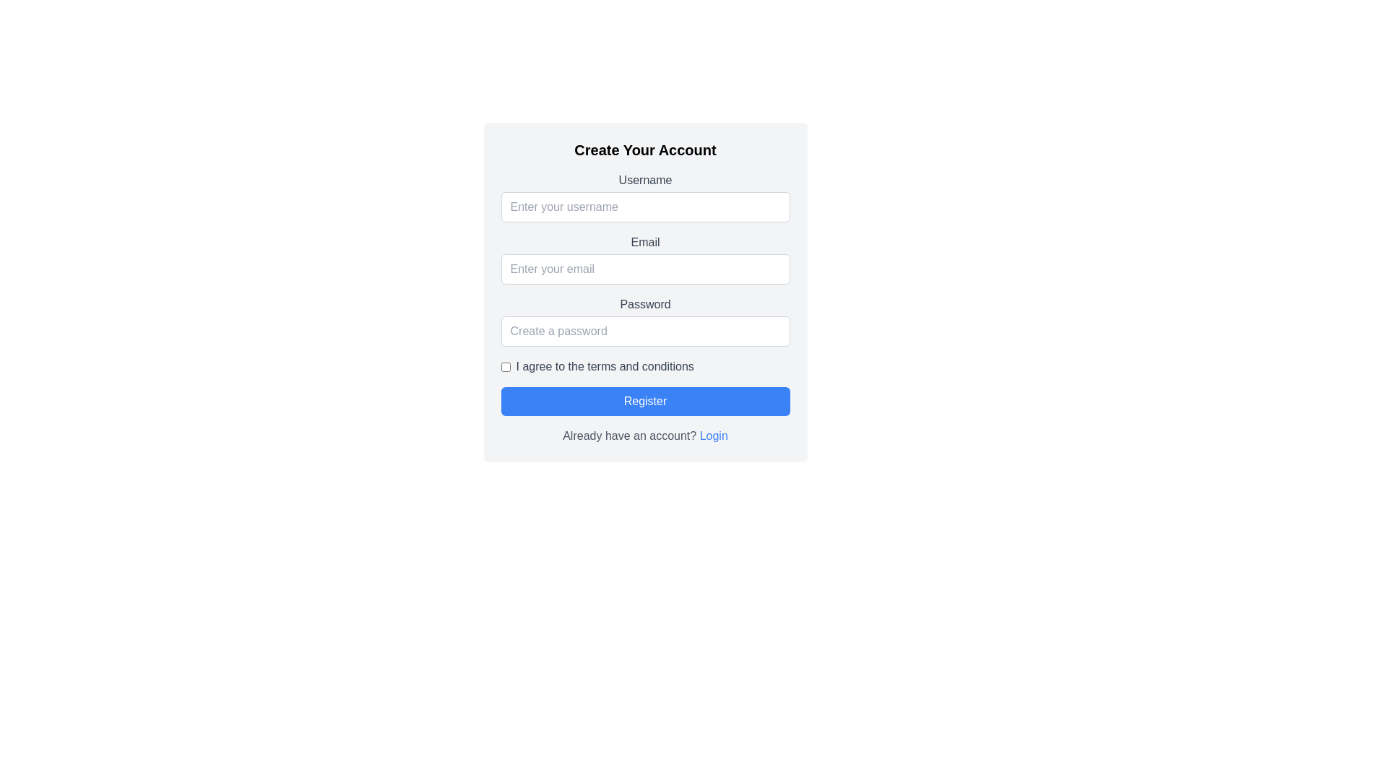  What do you see at coordinates (506, 366) in the screenshot?
I see `the checkbox input located to the left of the label 'I agree to the terms and conditions' within the registration form` at bounding box center [506, 366].